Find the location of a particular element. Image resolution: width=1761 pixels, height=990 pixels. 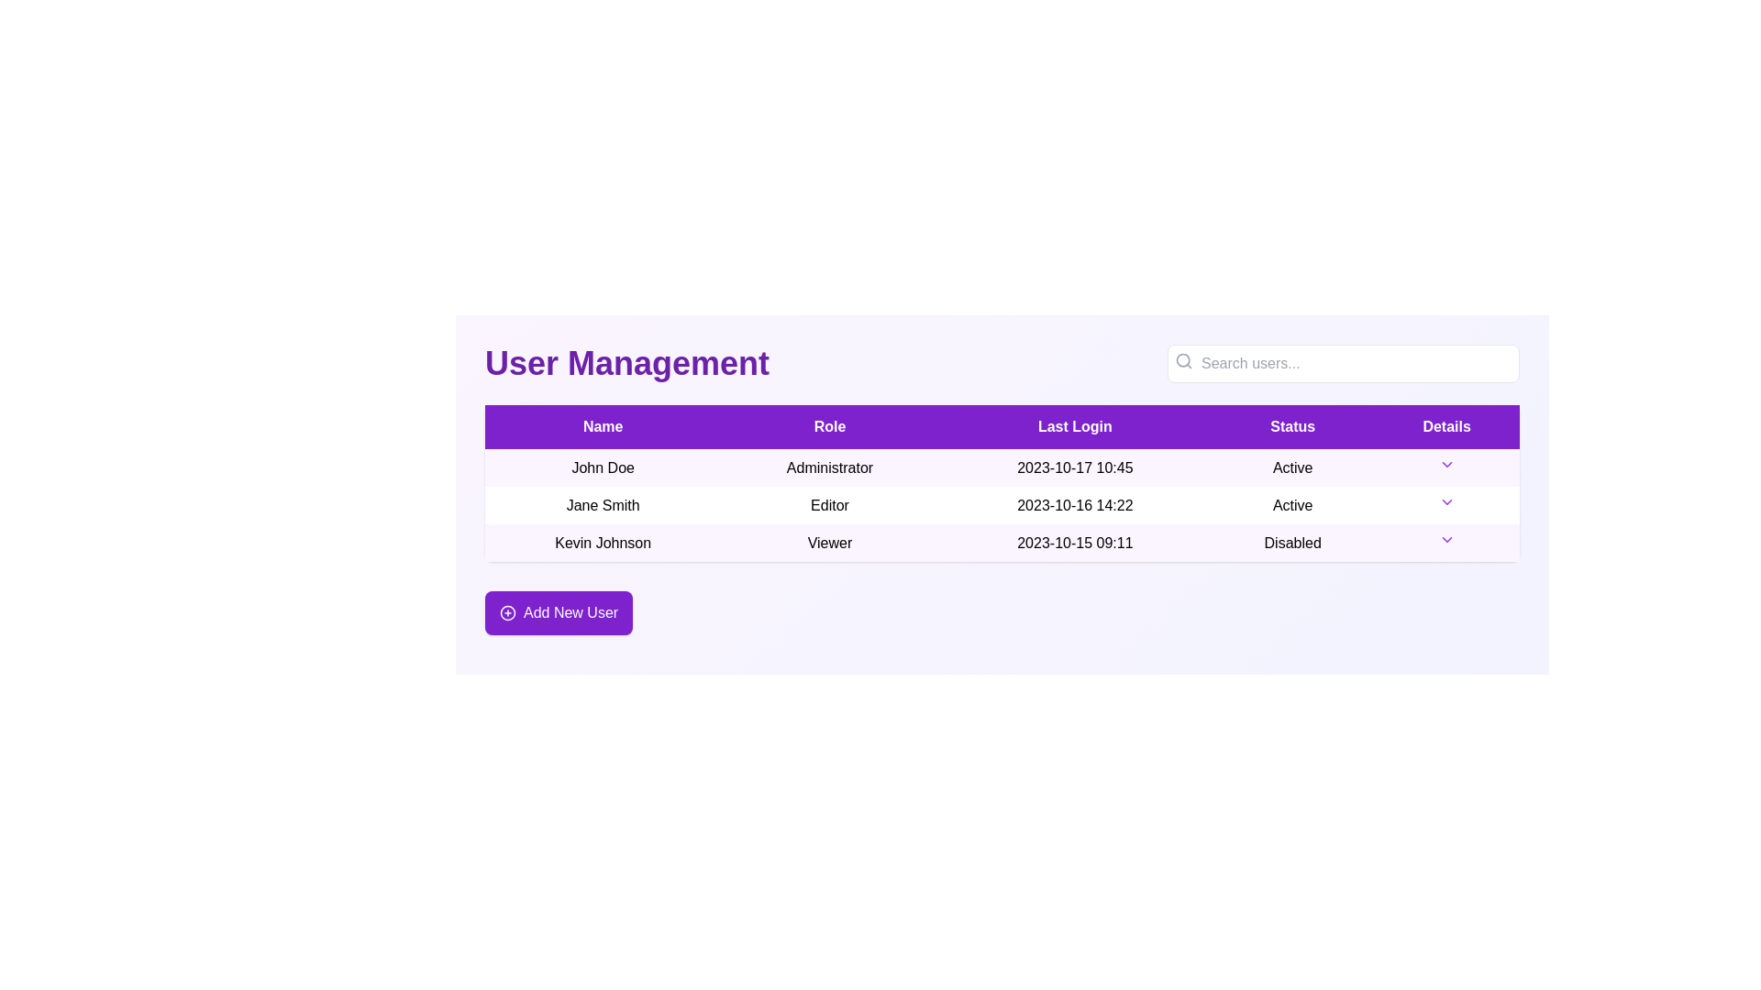

the search bar by clicking on the icon located in the top-left corner of the search bar, adjacent to the placeholder text 'Search users...' is located at coordinates (1184, 360).